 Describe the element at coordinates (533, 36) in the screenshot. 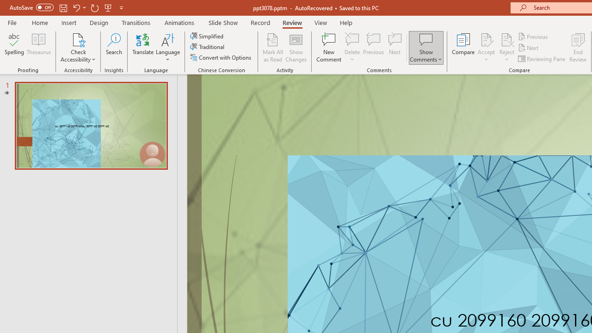

I see `'Previous'` at that location.